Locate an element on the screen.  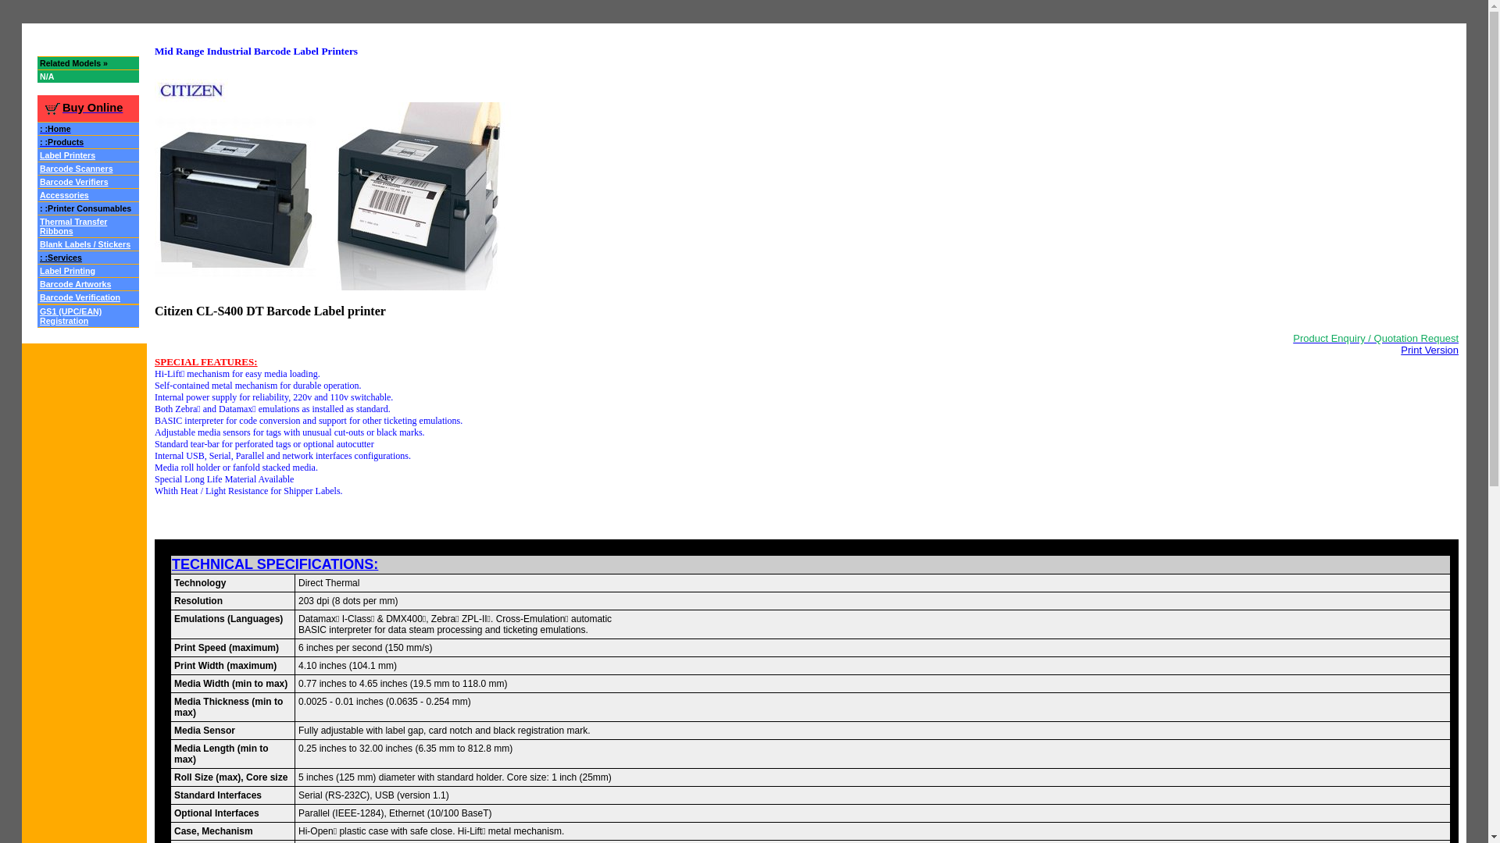
': :Home' is located at coordinates (55, 126).